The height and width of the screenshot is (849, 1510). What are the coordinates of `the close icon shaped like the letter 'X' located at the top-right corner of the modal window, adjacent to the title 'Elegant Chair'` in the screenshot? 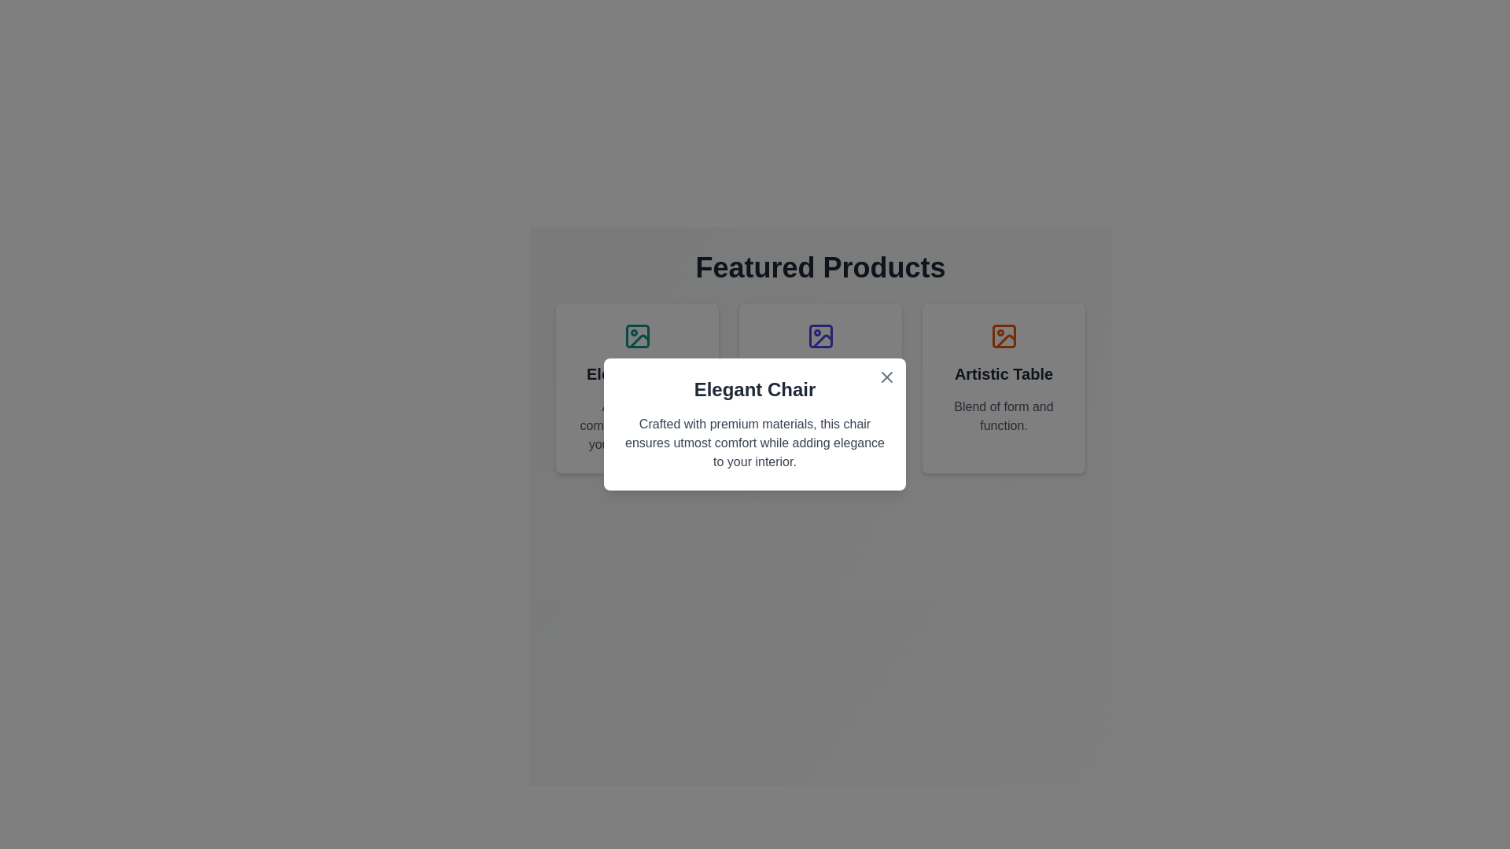 It's located at (887, 377).